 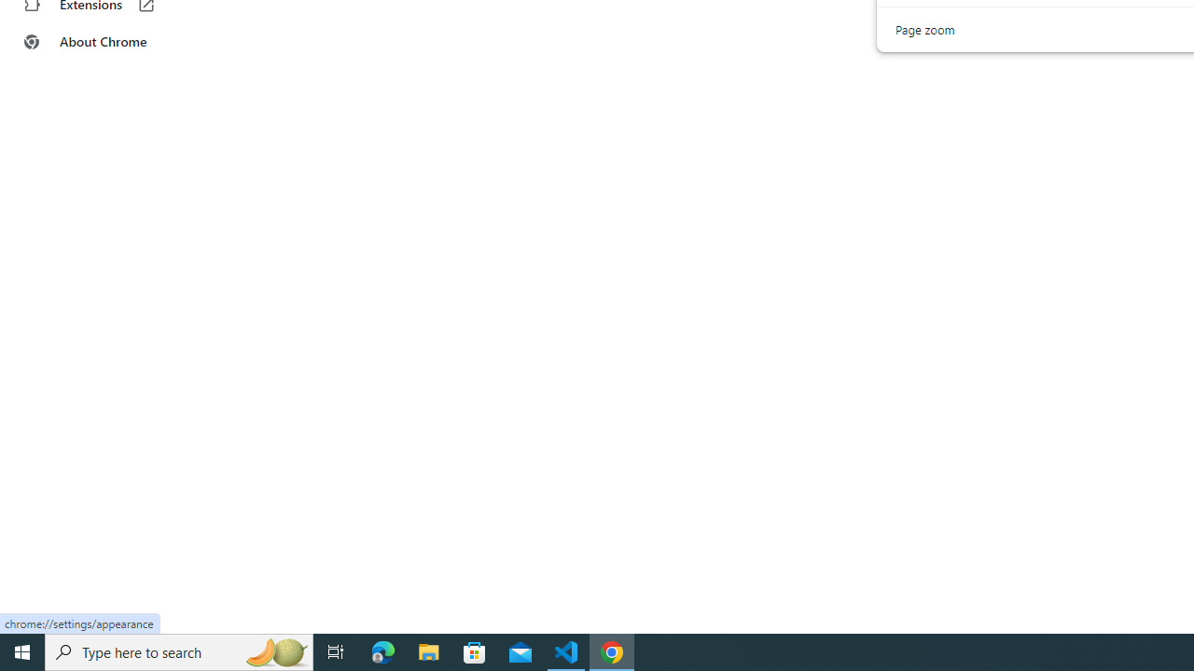 I want to click on 'About Chrome', so click(x=115, y=42).